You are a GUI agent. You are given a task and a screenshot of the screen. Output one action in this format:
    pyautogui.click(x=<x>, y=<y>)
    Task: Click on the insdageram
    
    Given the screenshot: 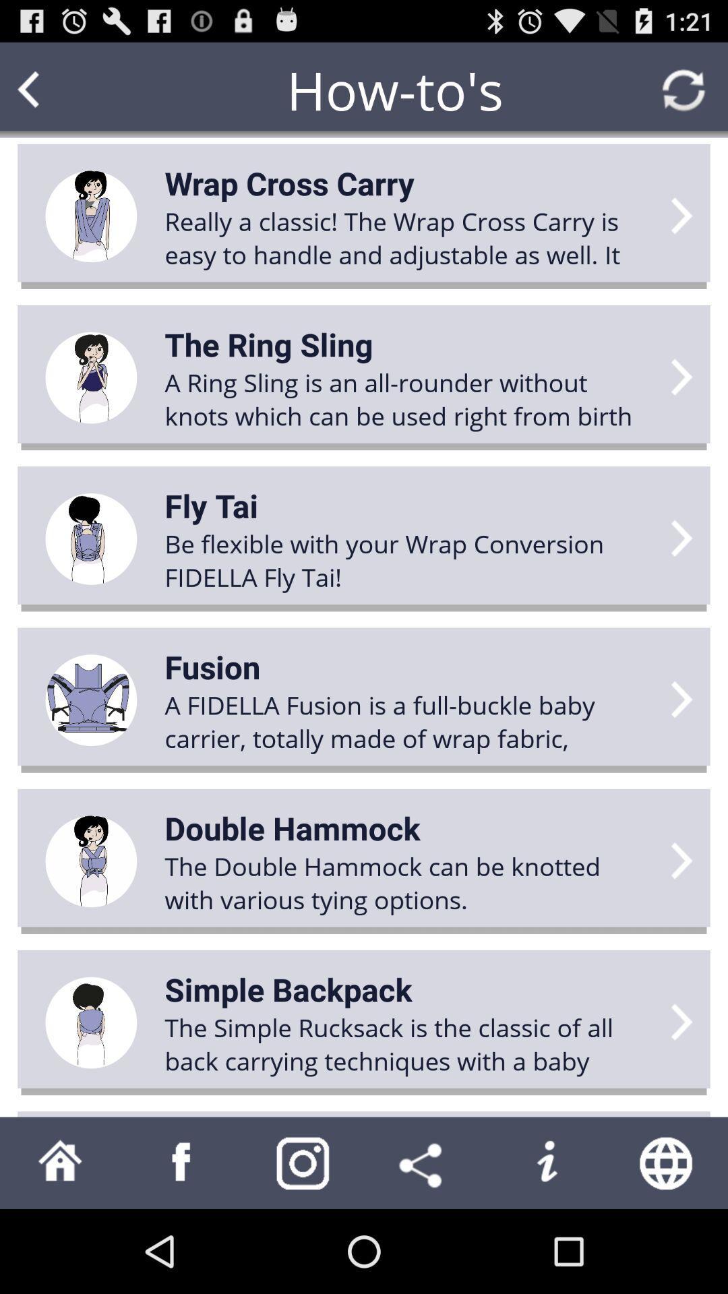 What is the action you would take?
    pyautogui.click(x=303, y=1162)
    